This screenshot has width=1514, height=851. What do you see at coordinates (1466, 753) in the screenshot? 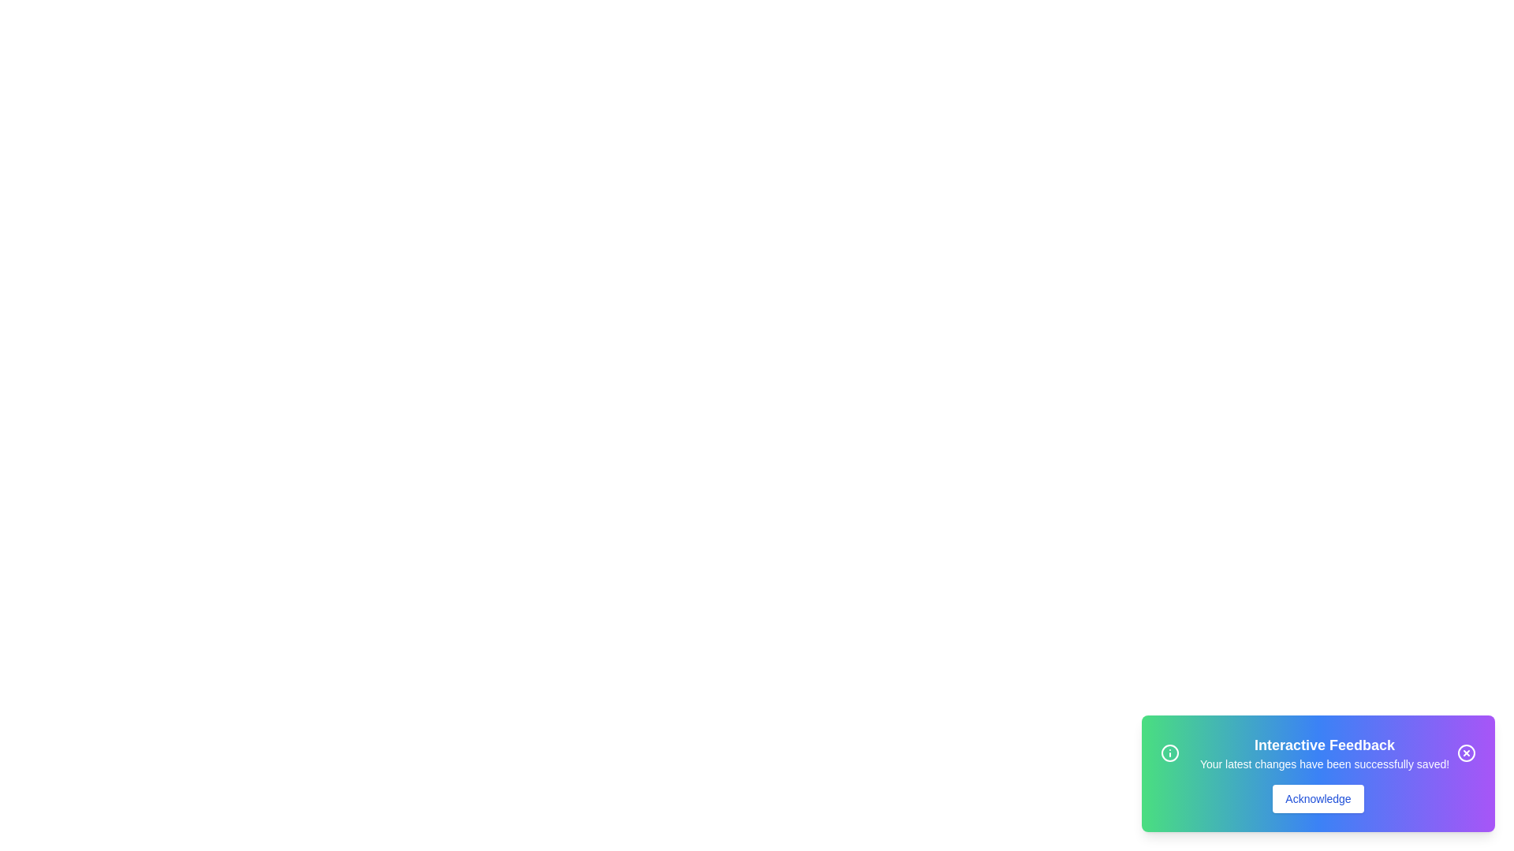
I see `the small circular button with a white 'X' icon on a vibrant purple background, located at the top-right corner of the notification bar` at bounding box center [1466, 753].